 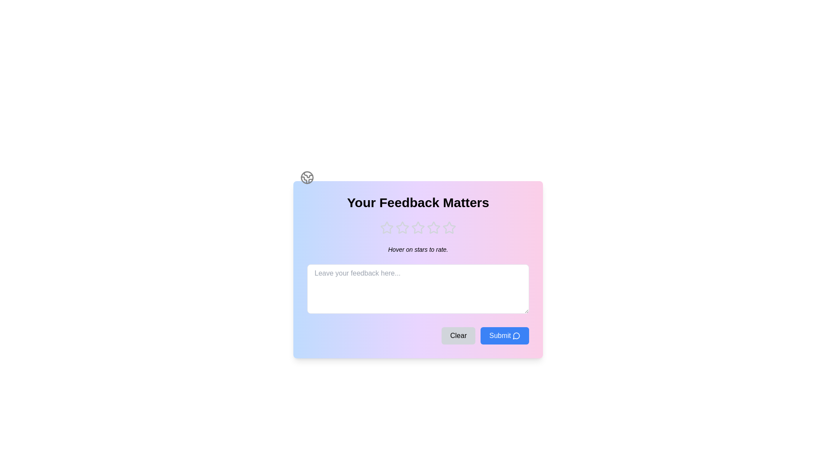 I want to click on the star rating to 3 by clicking on the respective star, so click(x=418, y=227).